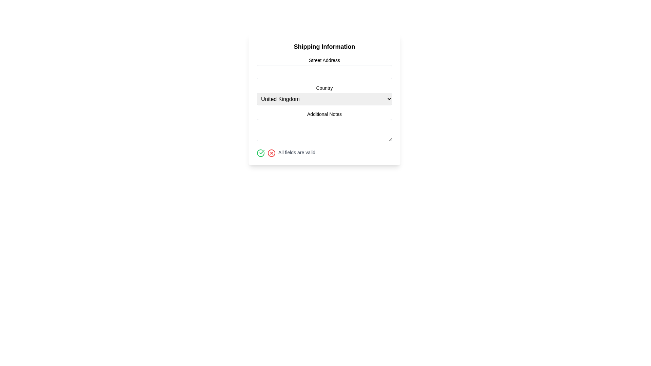  What do you see at coordinates (324, 99) in the screenshot?
I see `an option from the 'Country' dropdown menu located in the 'Shipping Information' form by clicking on it` at bounding box center [324, 99].